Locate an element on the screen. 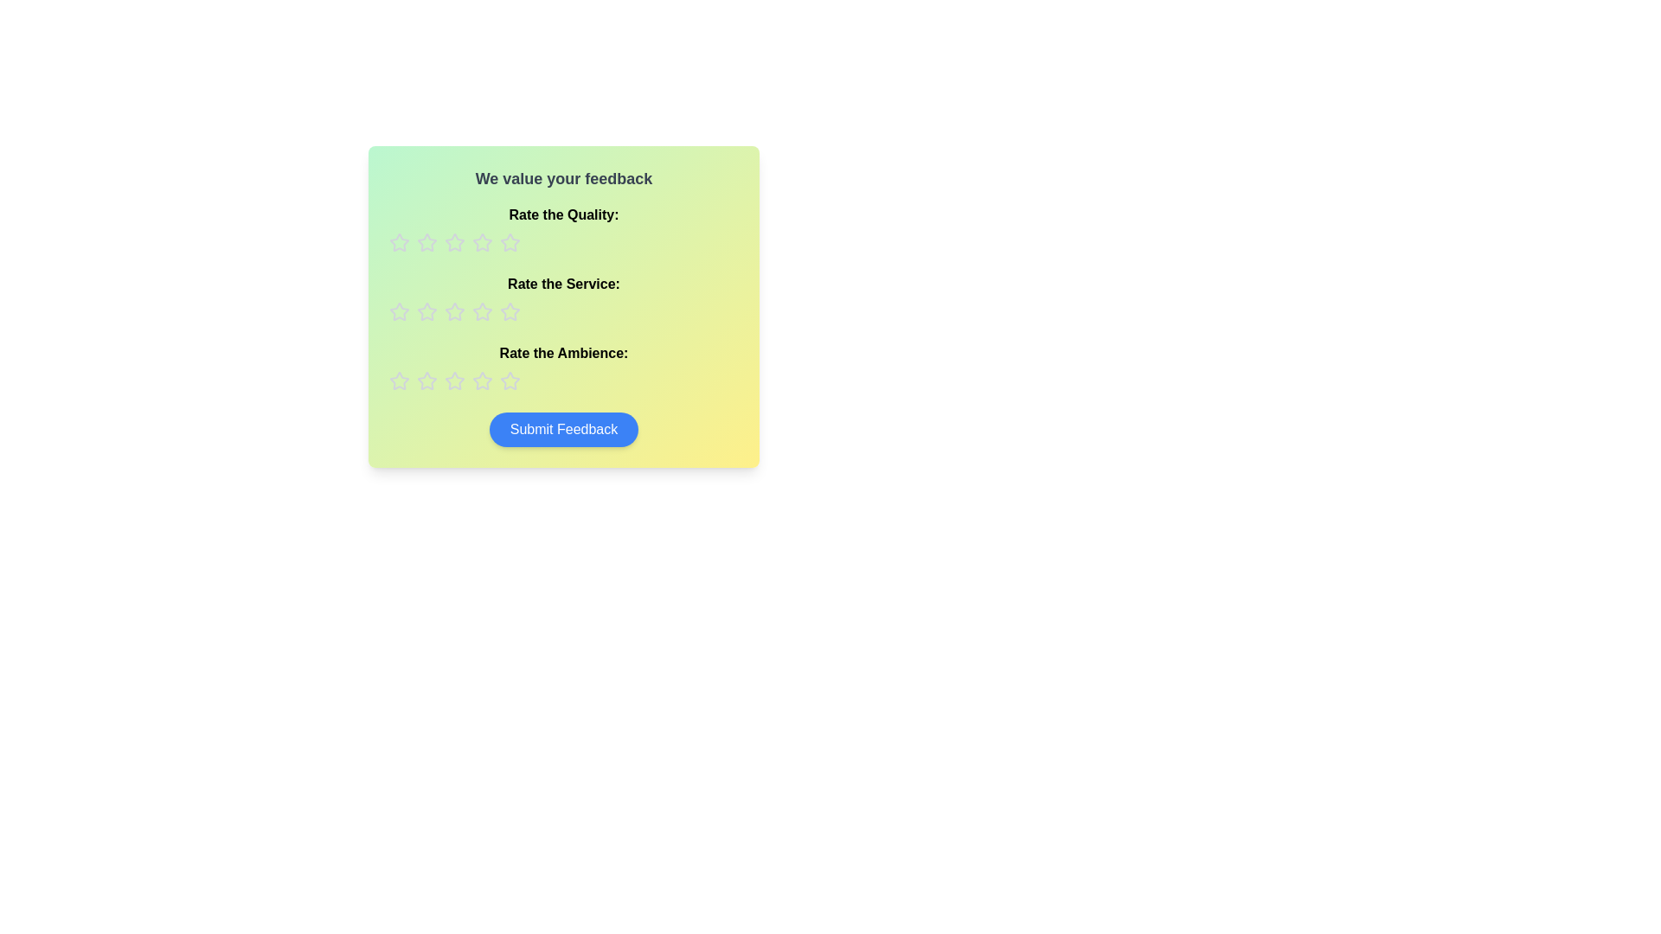 The image size is (1661, 934). the second star in the row labeled 'Rate the Service:' to assign a score is located at coordinates (455, 311).